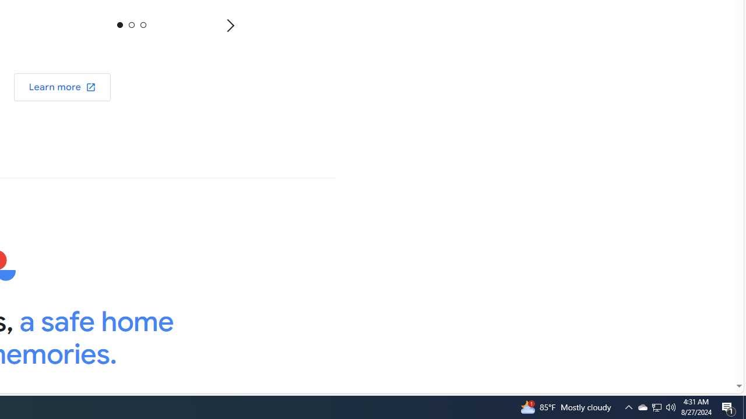  I want to click on '0', so click(120, 24).